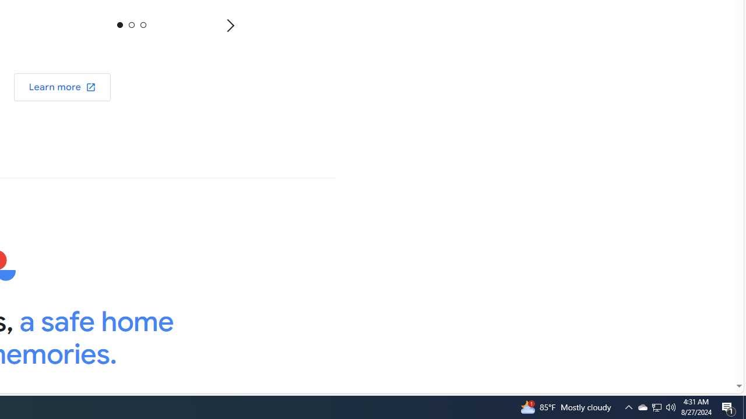  I want to click on '0', so click(120, 24).